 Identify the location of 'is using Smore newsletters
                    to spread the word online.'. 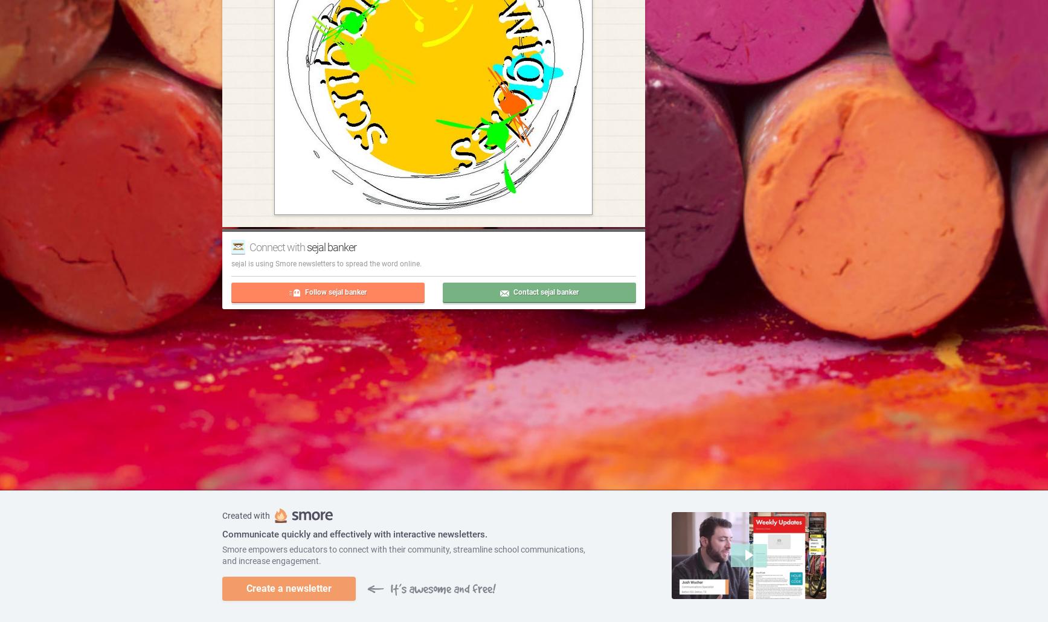
(333, 262).